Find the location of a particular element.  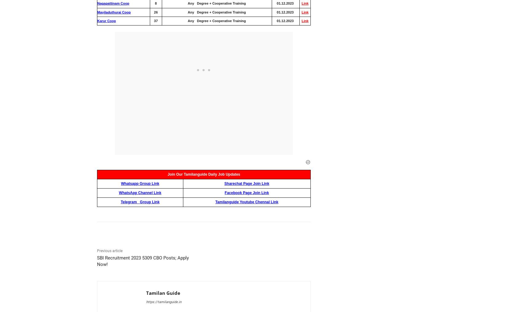

'8' is located at coordinates (155, 3).